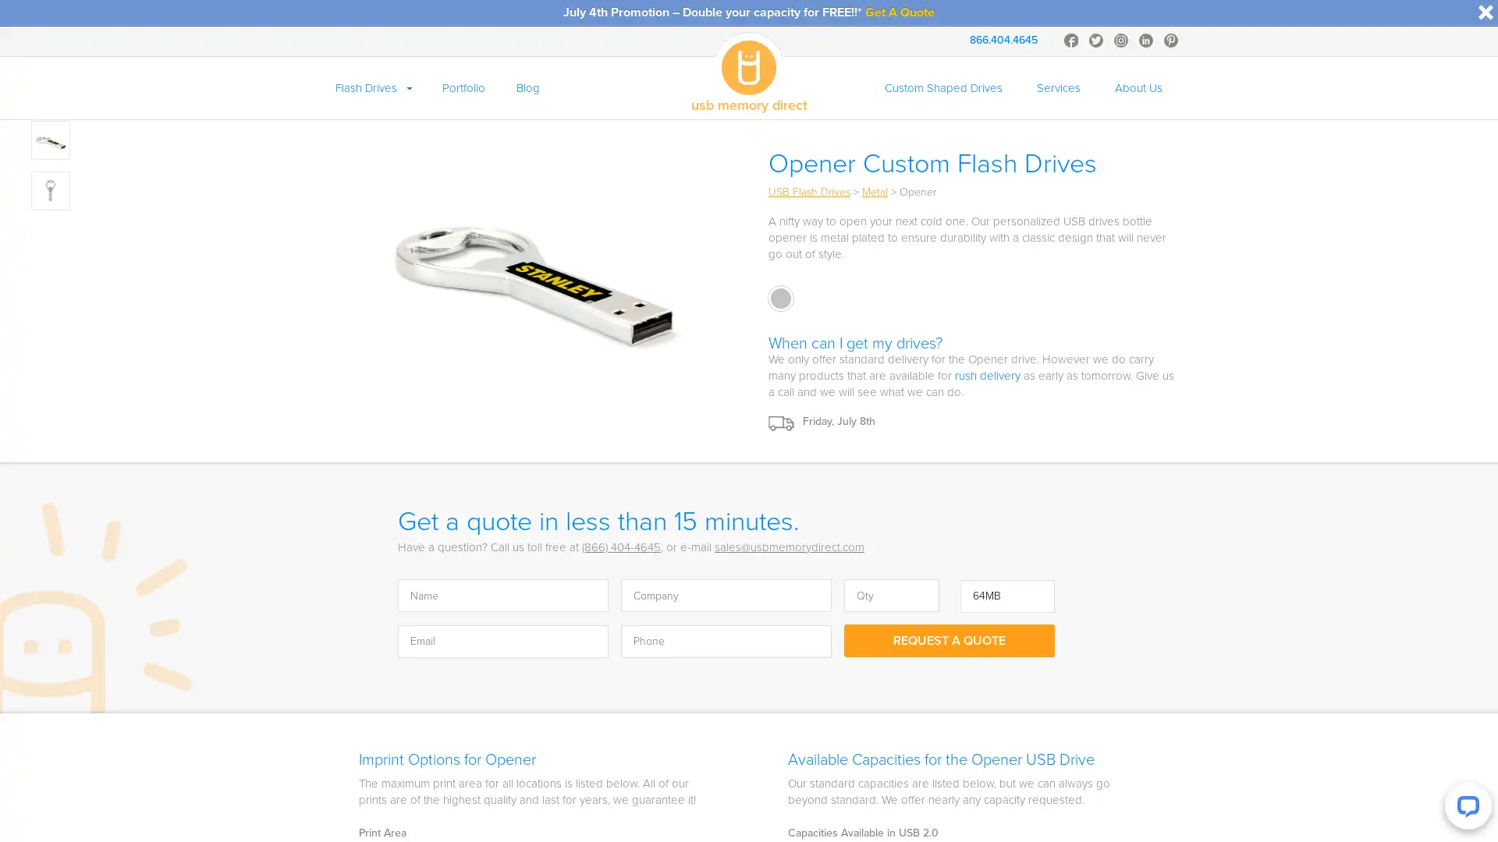 Image resolution: width=1498 pixels, height=842 pixels. What do you see at coordinates (949, 640) in the screenshot?
I see `Request A Quote` at bounding box center [949, 640].